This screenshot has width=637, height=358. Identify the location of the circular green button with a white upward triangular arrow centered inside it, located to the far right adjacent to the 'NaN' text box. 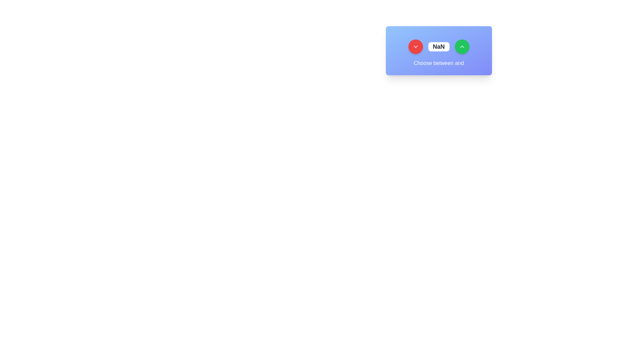
(461, 46).